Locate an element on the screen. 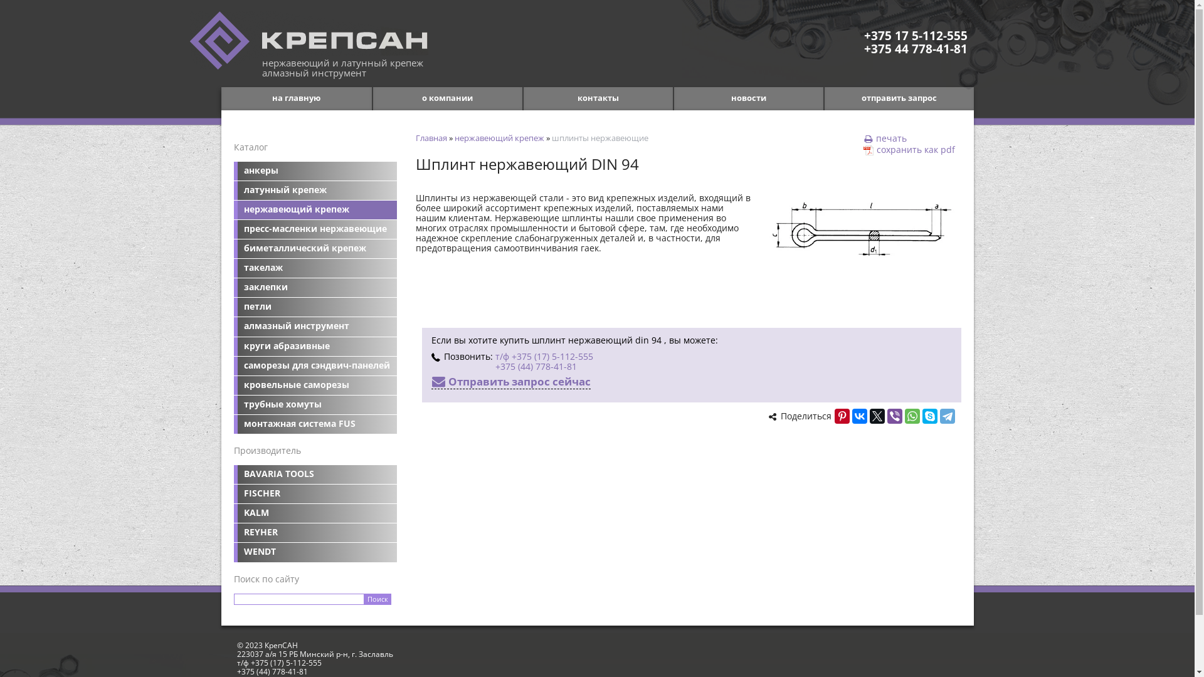 The height and width of the screenshot is (677, 1204). 'Viber' is located at coordinates (893, 416).